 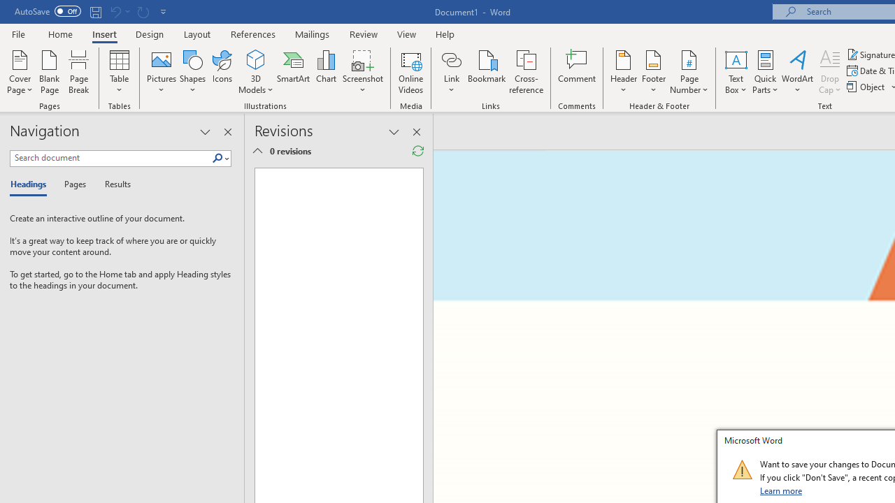 I want to click on 'Bookmark...', so click(x=487, y=72).